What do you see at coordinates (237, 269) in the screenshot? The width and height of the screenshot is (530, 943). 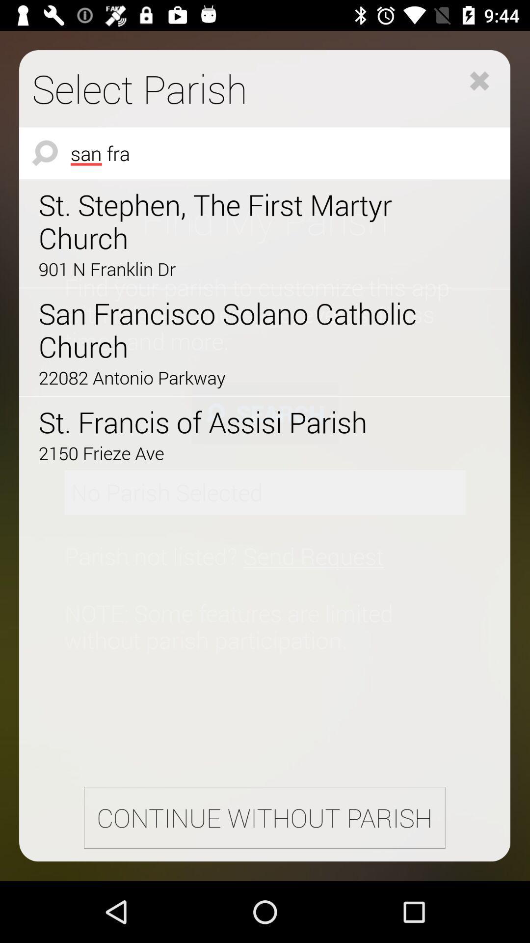 I see `the item above san francisco solano item` at bounding box center [237, 269].